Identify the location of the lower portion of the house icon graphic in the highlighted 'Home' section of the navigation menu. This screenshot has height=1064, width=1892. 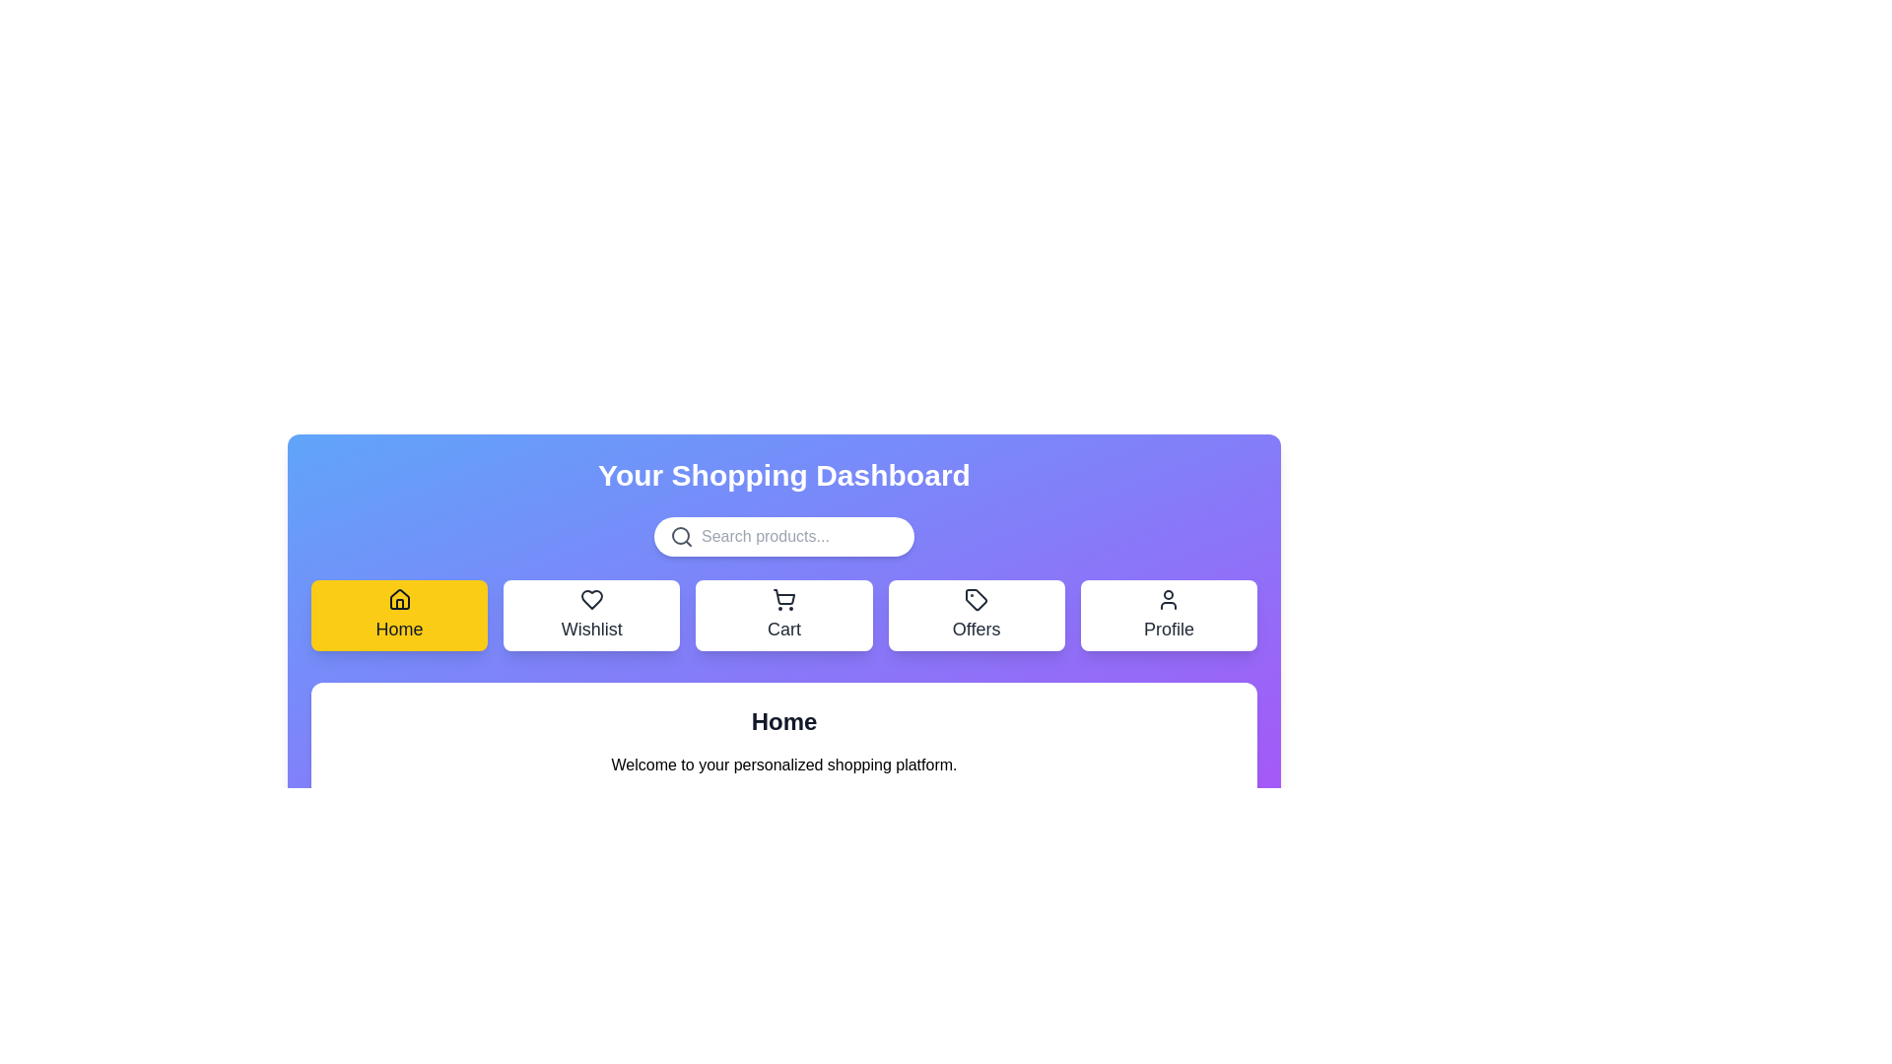
(398, 603).